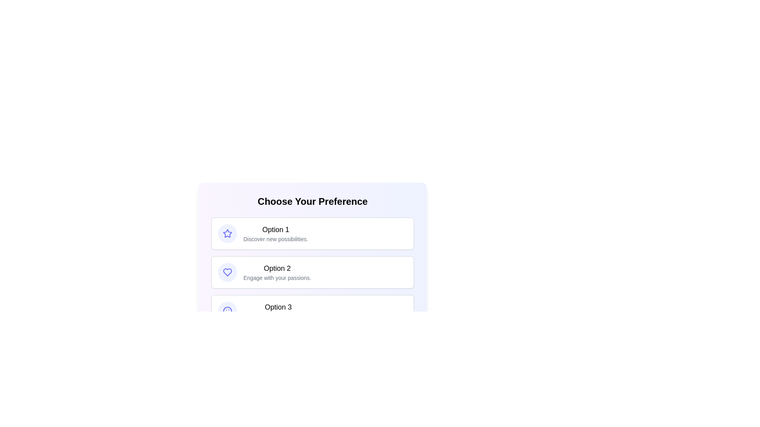 The height and width of the screenshot is (427, 760). Describe the element at coordinates (227, 233) in the screenshot. I see `the indigo star icon located at the top of the 'Choose Your Preference' vertical list menu, which is distinctively placed within a circular background` at that location.